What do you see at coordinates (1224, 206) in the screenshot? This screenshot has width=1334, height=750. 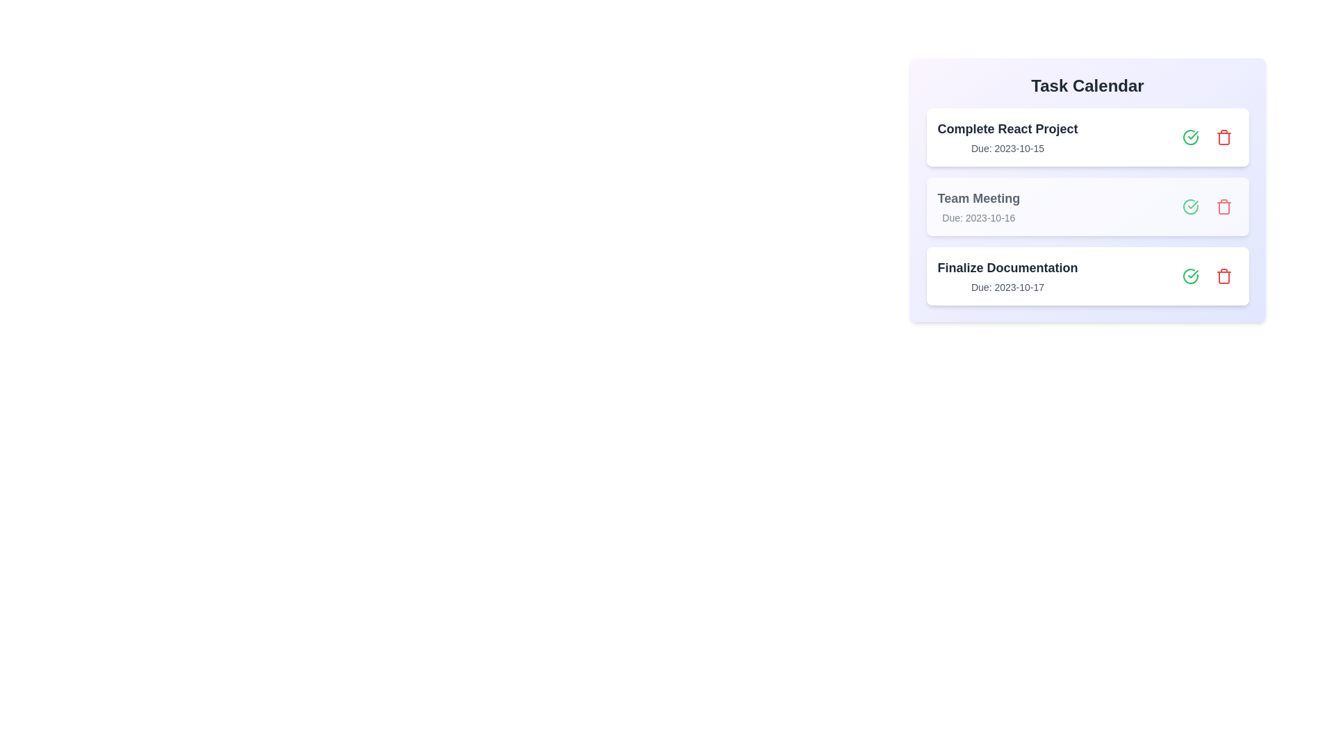 I see `delete button for the task with the name Team Meeting` at bounding box center [1224, 206].